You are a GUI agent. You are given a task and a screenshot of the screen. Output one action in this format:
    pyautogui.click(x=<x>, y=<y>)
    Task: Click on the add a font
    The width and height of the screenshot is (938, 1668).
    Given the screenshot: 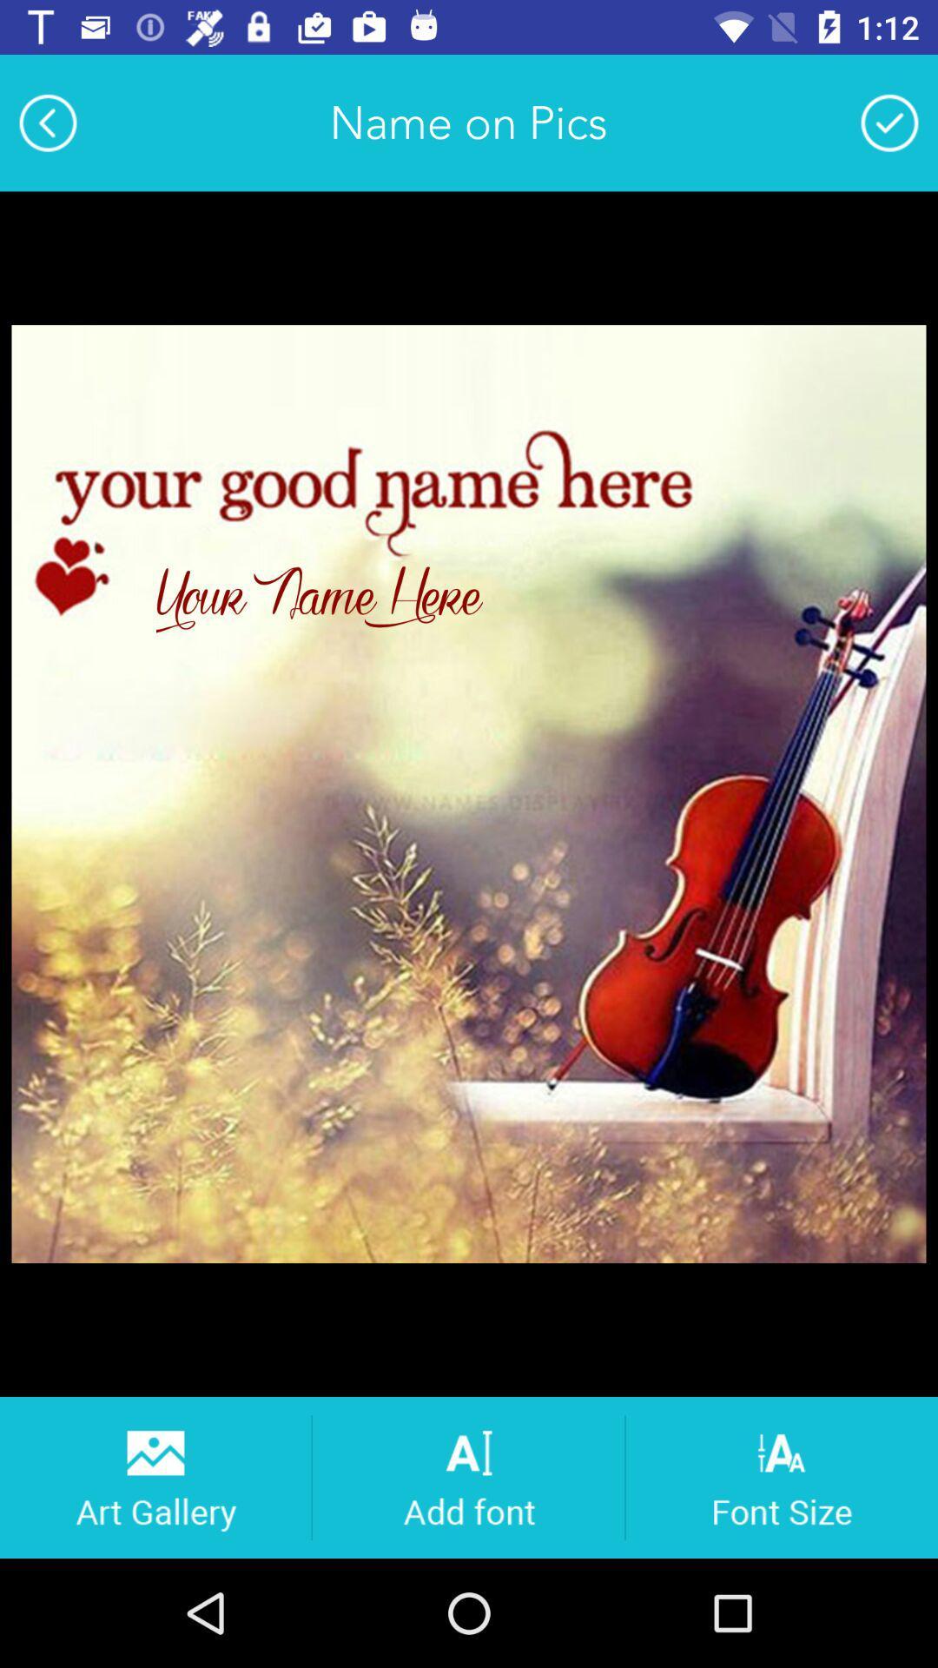 What is the action you would take?
    pyautogui.click(x=467, y=1476)
    